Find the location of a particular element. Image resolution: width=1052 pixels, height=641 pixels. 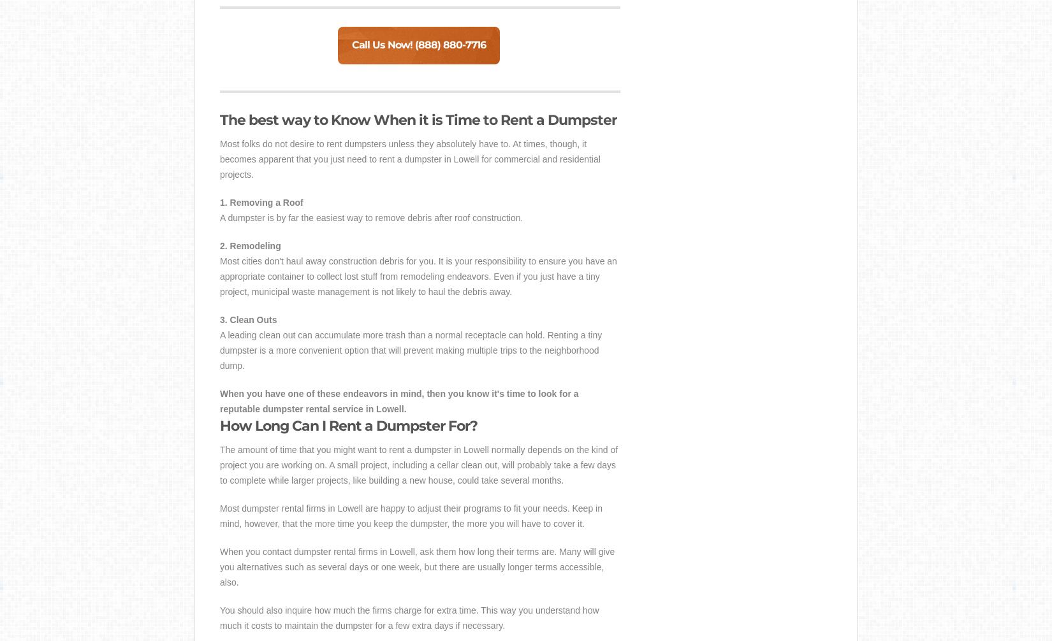

'A dumpster is by far the easiest way to remove debris after roof construction.' is located at coordinates (370, 217).